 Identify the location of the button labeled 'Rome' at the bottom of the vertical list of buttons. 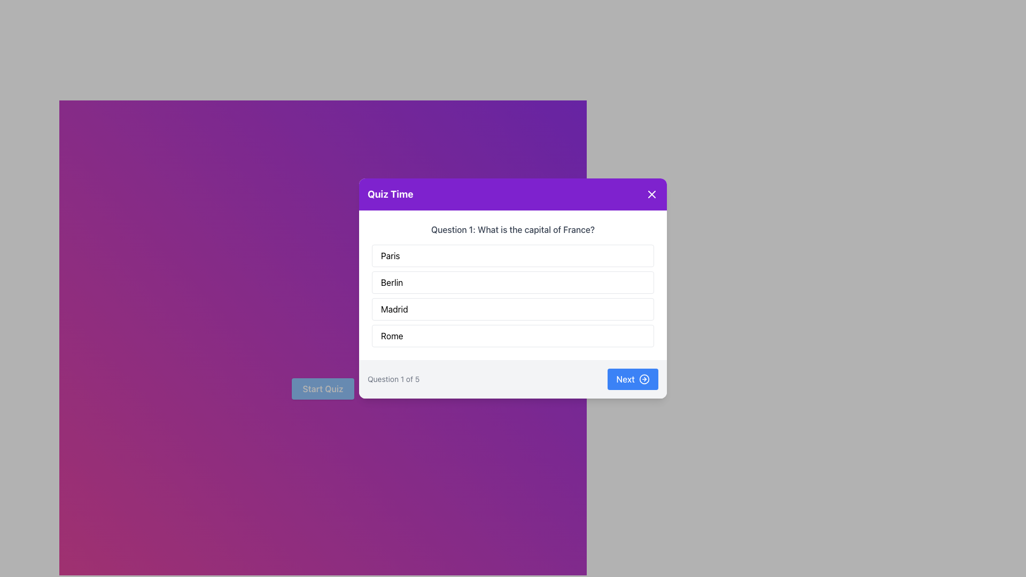
(513, 335).